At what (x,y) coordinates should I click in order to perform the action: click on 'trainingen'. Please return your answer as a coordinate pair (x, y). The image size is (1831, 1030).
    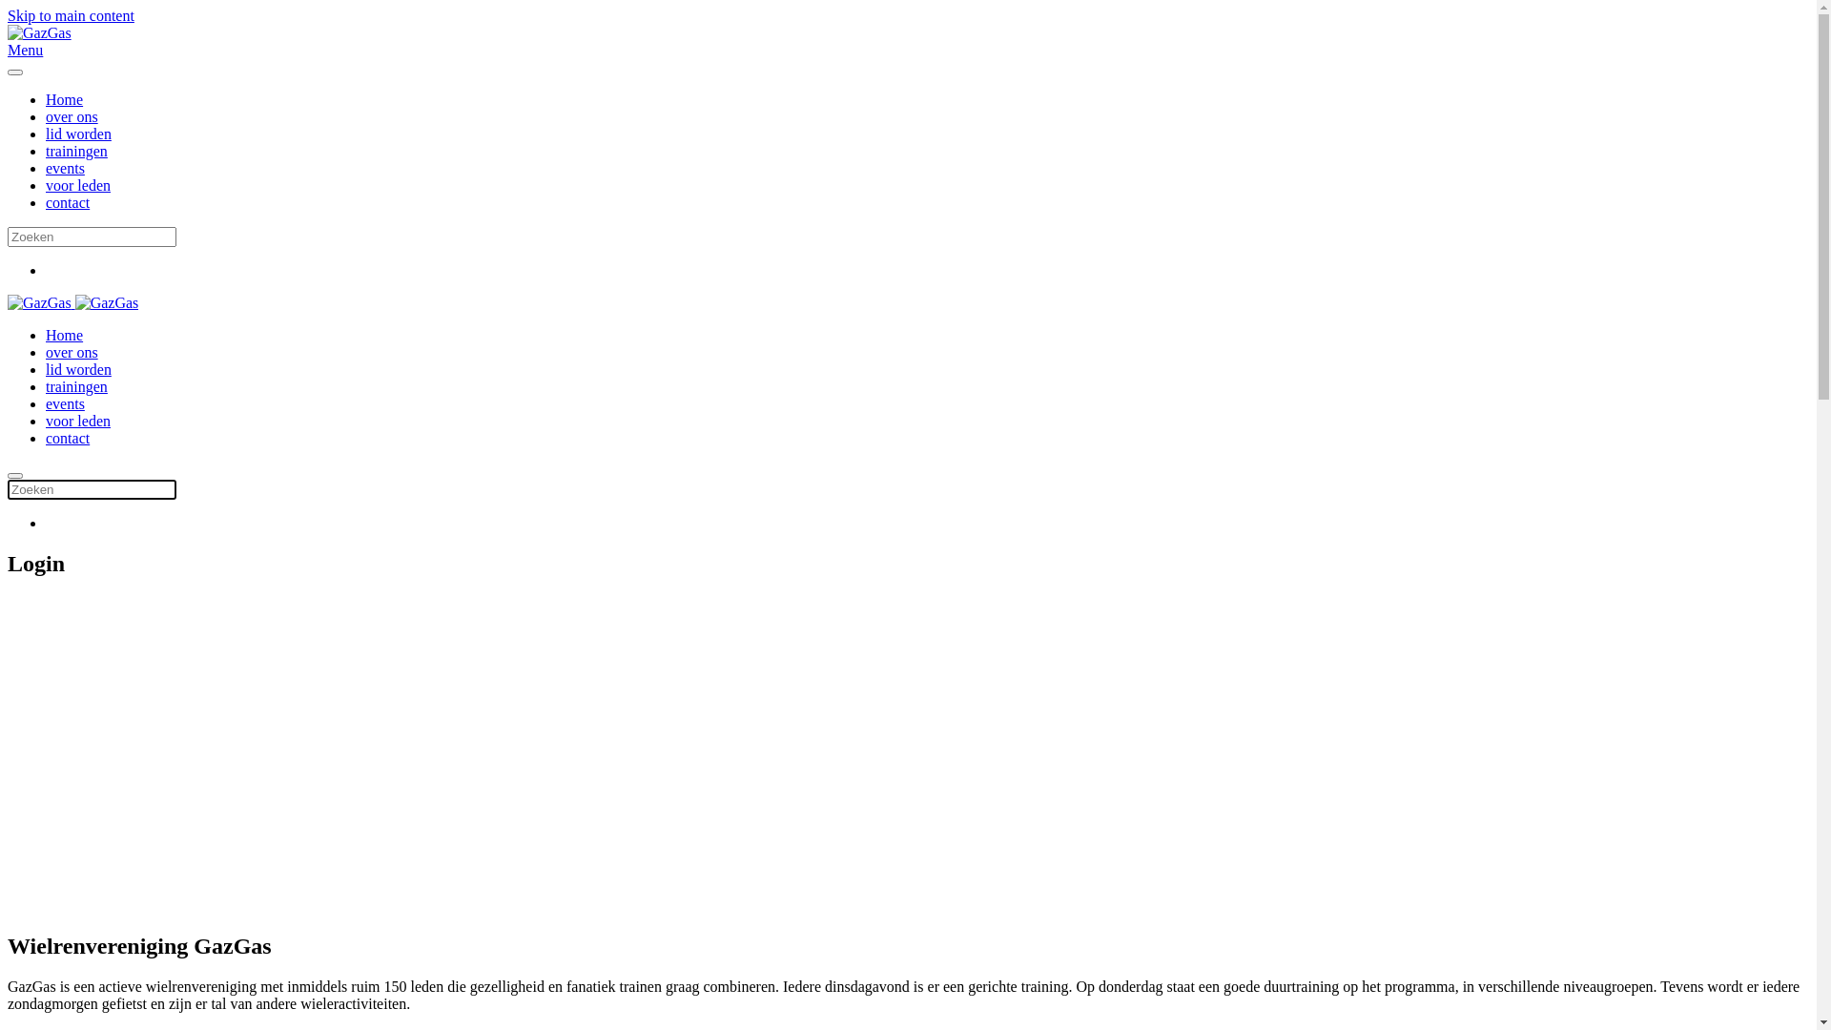
    Looking at the image, I should click on (76, 386).